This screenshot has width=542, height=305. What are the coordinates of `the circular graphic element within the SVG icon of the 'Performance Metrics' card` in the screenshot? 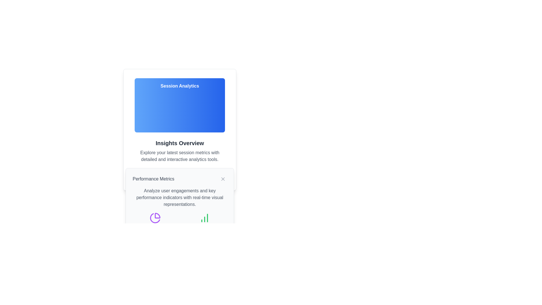 It's located at (166, 175).